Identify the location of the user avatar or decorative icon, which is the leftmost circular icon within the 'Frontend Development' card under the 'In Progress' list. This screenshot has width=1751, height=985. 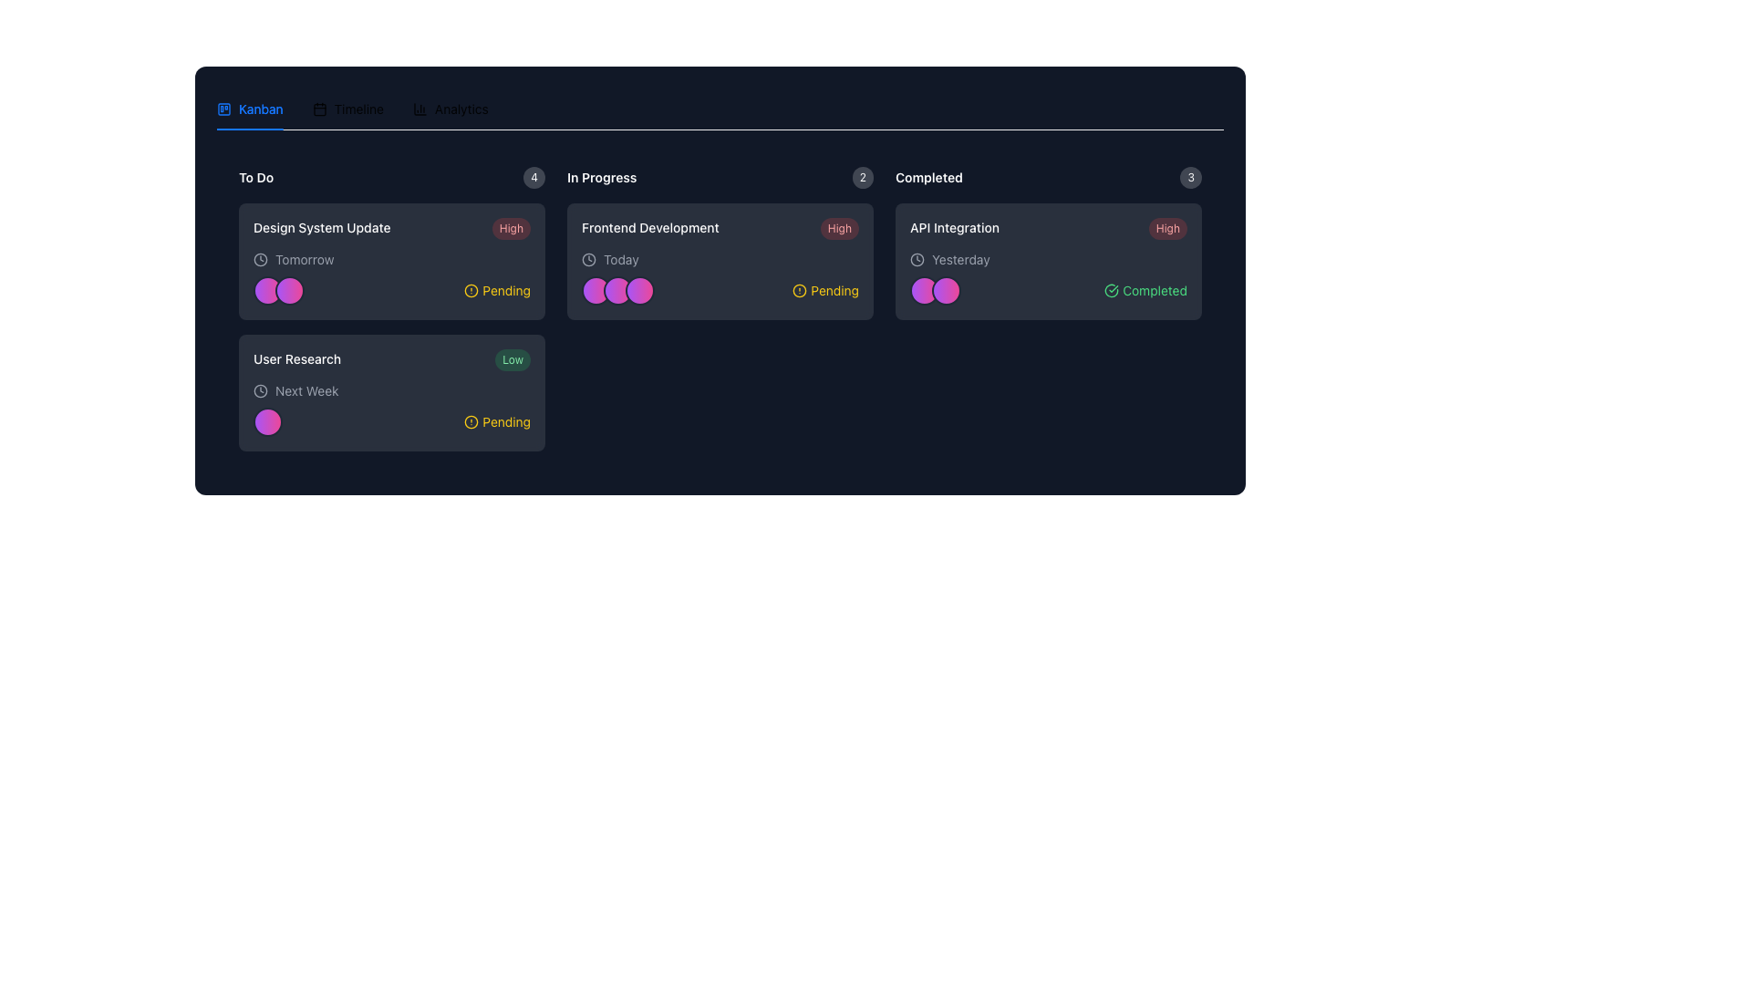
(596, 290).